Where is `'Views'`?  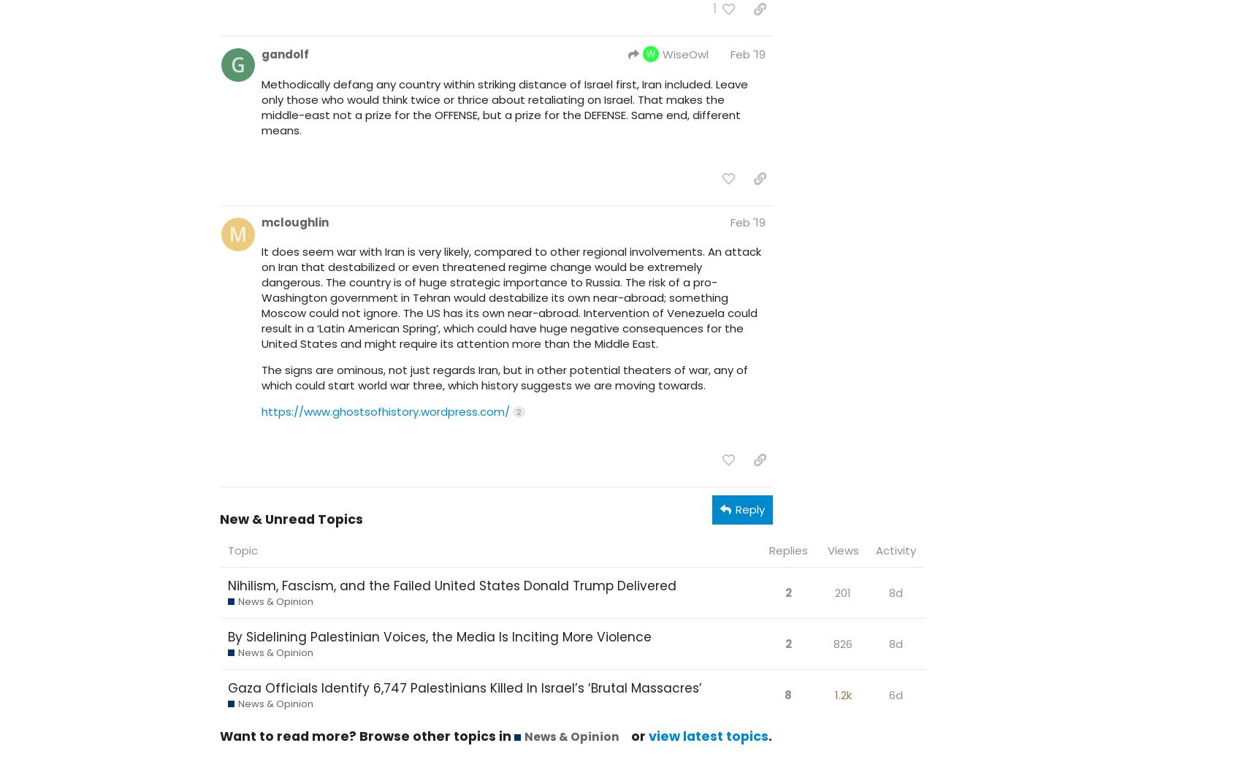 'Views' is located at coordinates (842, 549).